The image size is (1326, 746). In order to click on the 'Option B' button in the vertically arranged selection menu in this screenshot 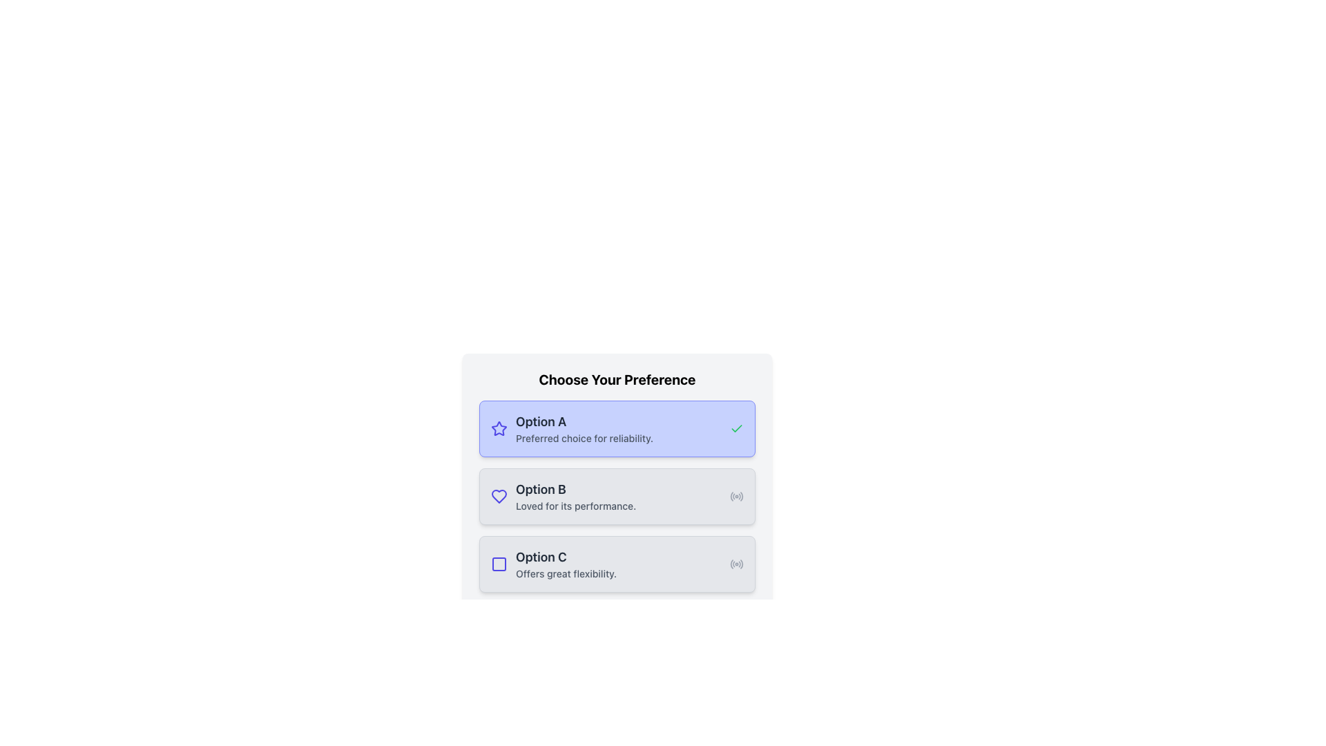, I will do `click(616, 495)`.